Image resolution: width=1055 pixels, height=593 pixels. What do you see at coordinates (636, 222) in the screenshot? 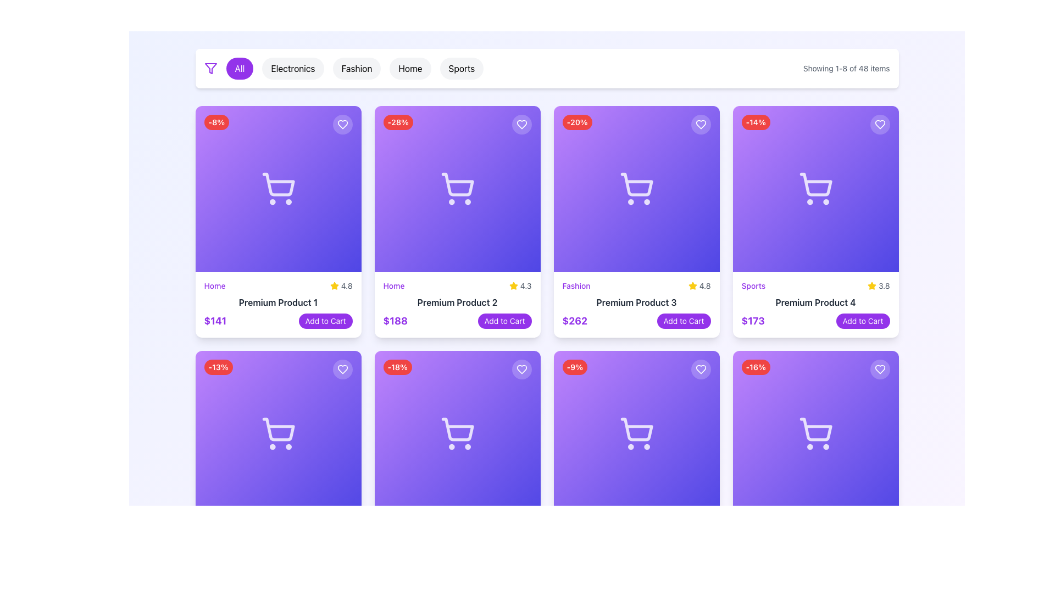
I see `the third product card in the grid layout` at bounding box center [636, 222].